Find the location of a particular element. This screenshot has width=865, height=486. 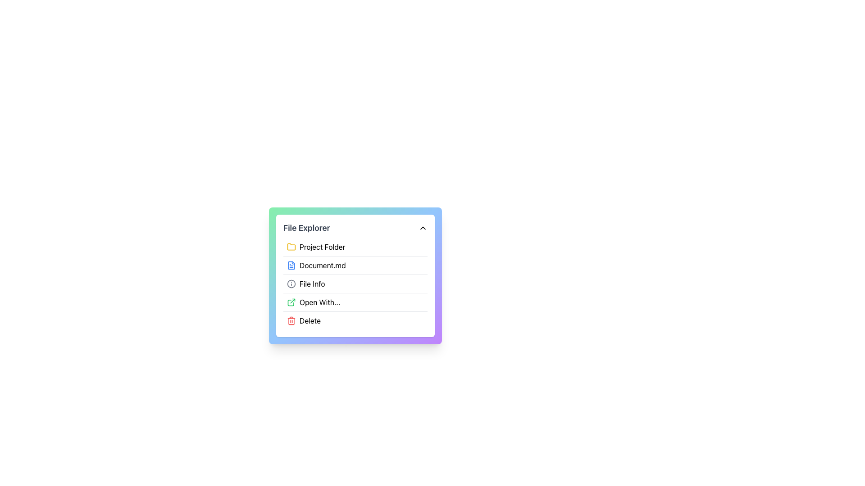

the information icon that is positioned to the left of the 'File Info' text in the menu options is located at coordinates (291, 284).